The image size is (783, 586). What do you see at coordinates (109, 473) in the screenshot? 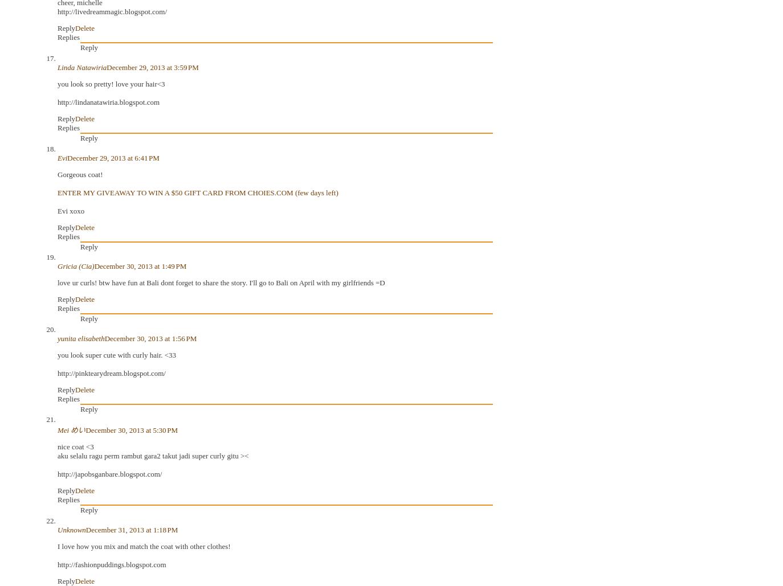
I see `'http://japobsganbare.blogspot.com/'` at bounding box center [109, 473].